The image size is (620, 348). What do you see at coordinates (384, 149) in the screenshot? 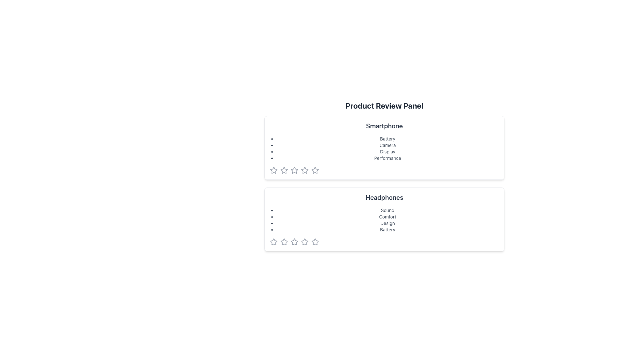
I see `text displayed in the list of attributes related to the smartphone, located just below the title 'Smartphone'` at bounding box center [384, 149].